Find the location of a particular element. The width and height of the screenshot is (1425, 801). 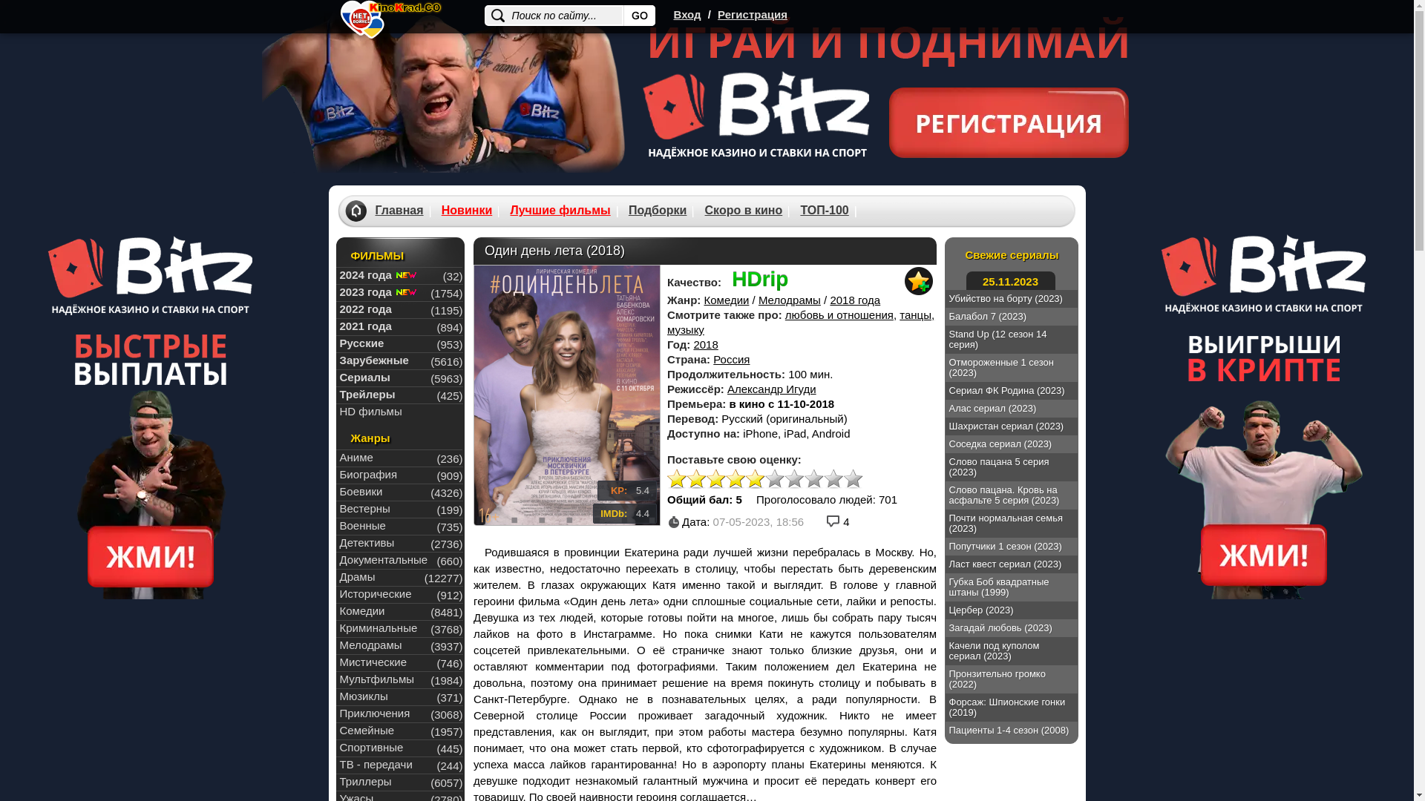

'5' is located at coordinates (755, 478).